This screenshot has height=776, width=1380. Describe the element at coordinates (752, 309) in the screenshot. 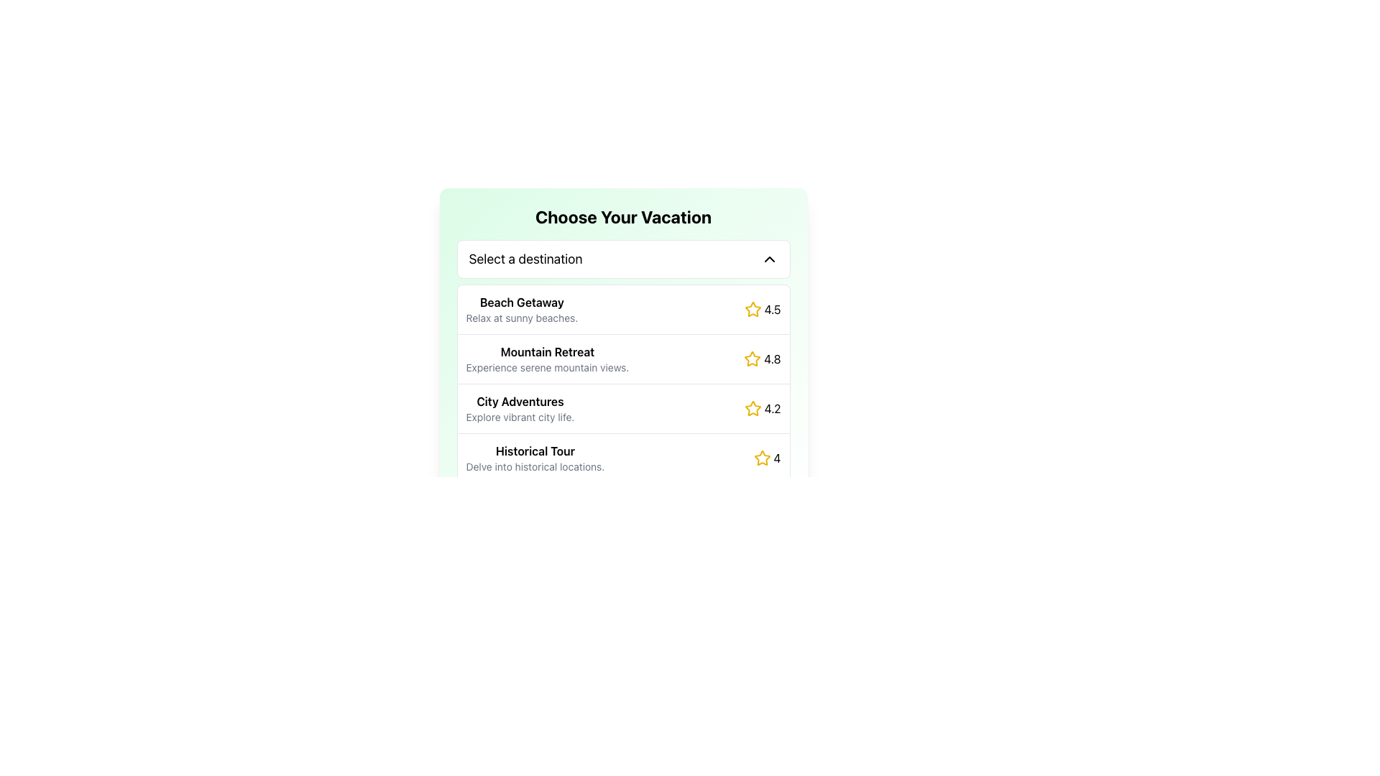

I see `the star icon representing the rating for the 'Beach Getaway' vacation option, which indicates a rating of '4.5'` at that location.